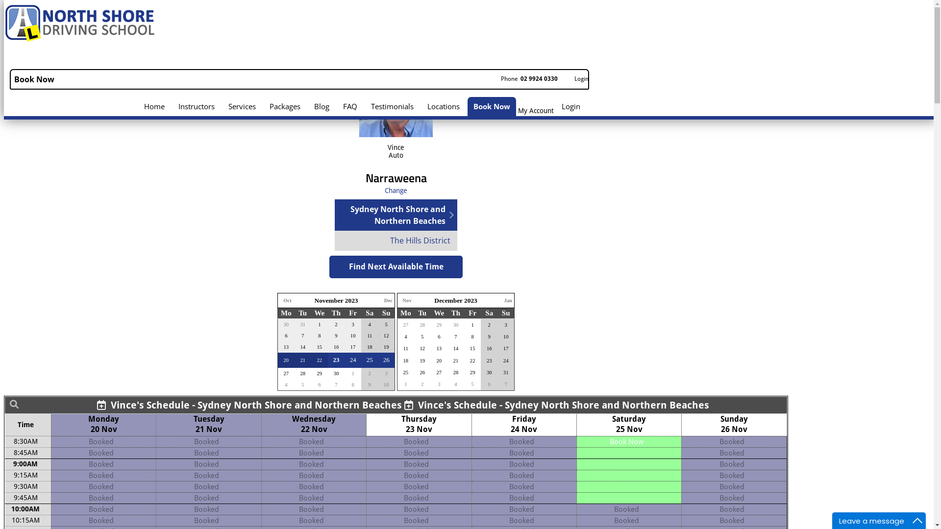 Image resolution: width=941 pixels, height=529 pixels. I want to click on 'Blog', so click(322, 106).